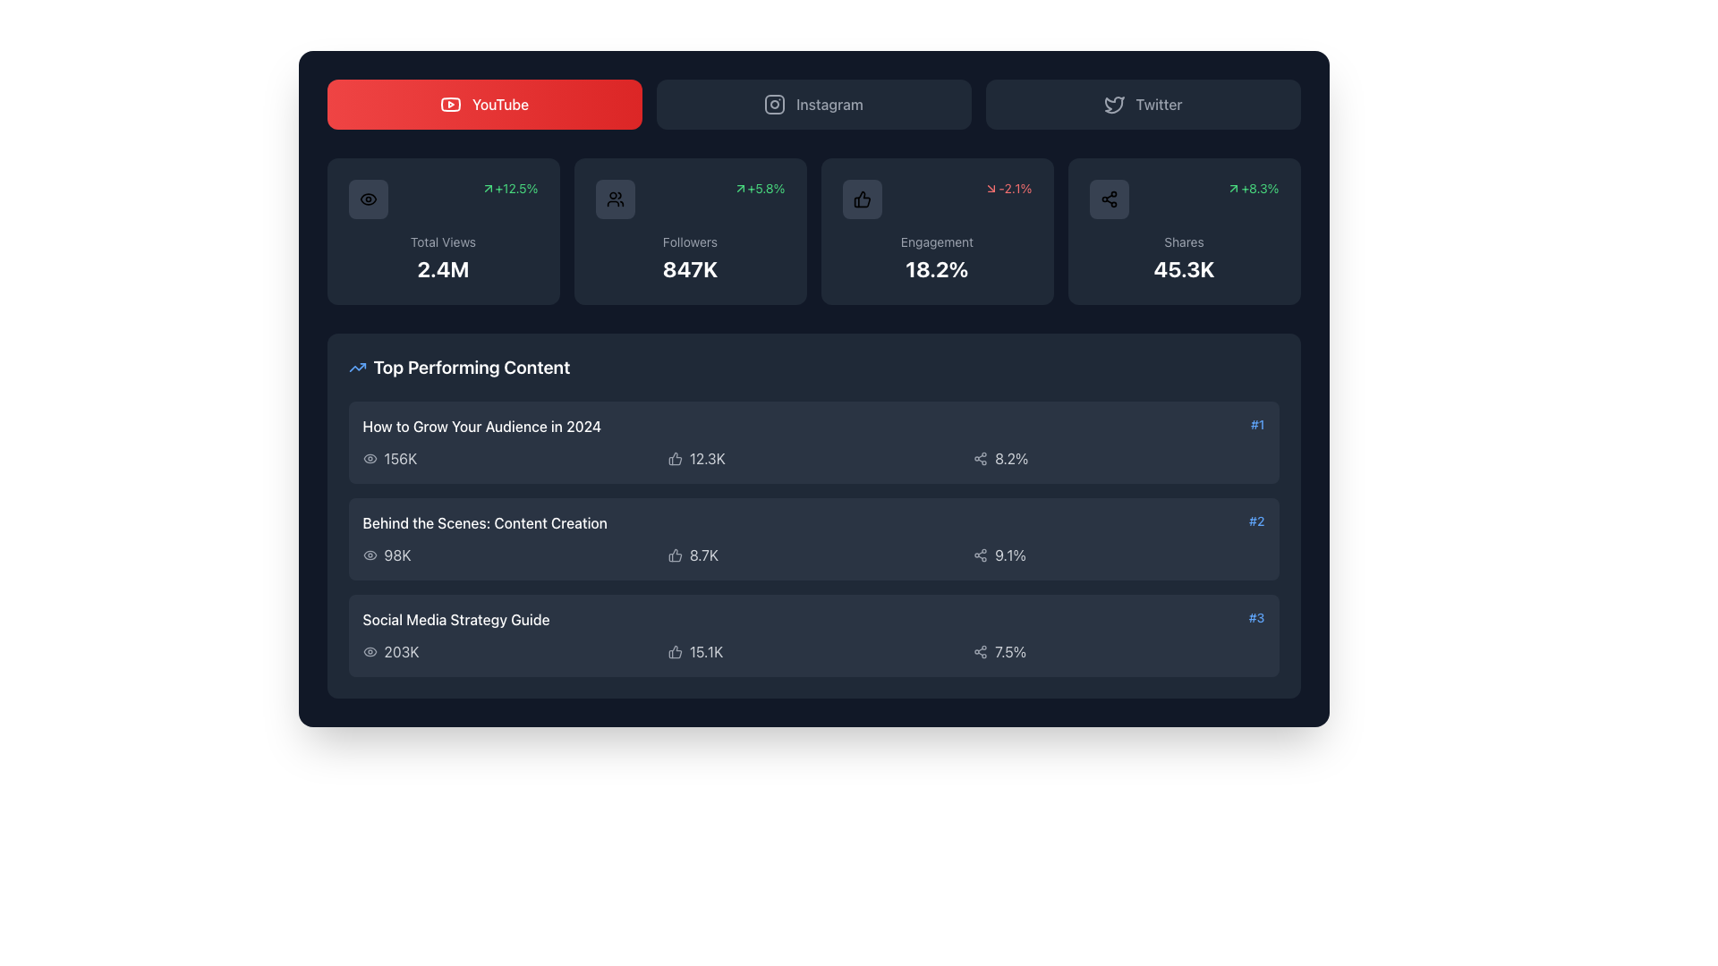  What do you see at coordinates (369, 458) in the screenshot?
I see `the 'views' icon located in the first row under 'Top Performing Content', positioned to the left of the numerical text '156K'` at bounding box center [369, 458].